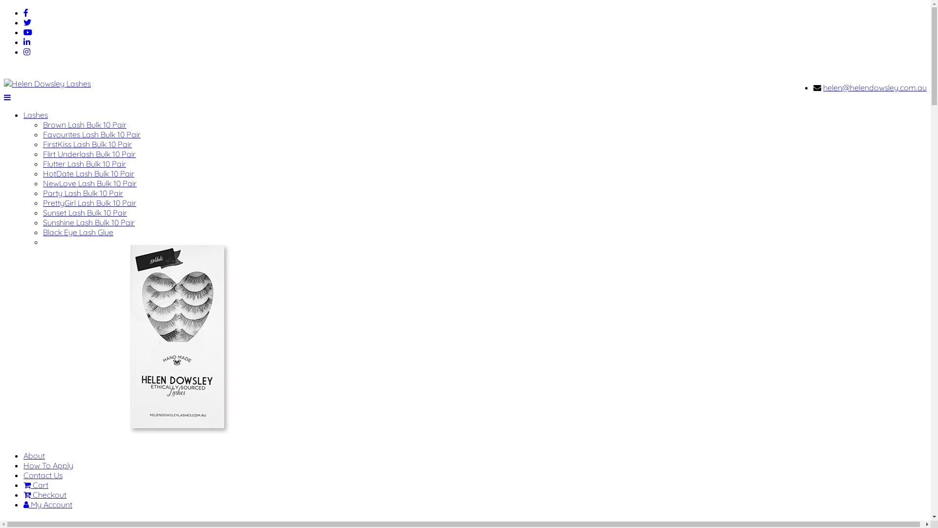 Image resolution: width=938 pixels, height=528 pixels. What do you see at coordinates (85, 212) in the screenshot?
I see `'Sunset Lash Bulk 10 Pair'` at bounding box center [85, 212].